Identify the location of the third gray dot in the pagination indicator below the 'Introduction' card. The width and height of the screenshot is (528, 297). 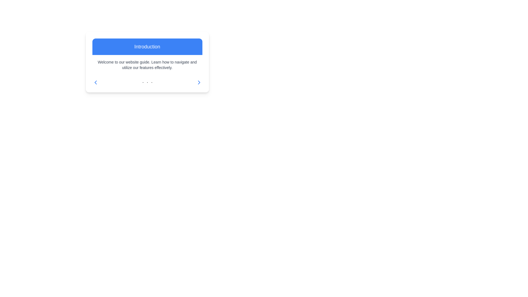
(152, 82).